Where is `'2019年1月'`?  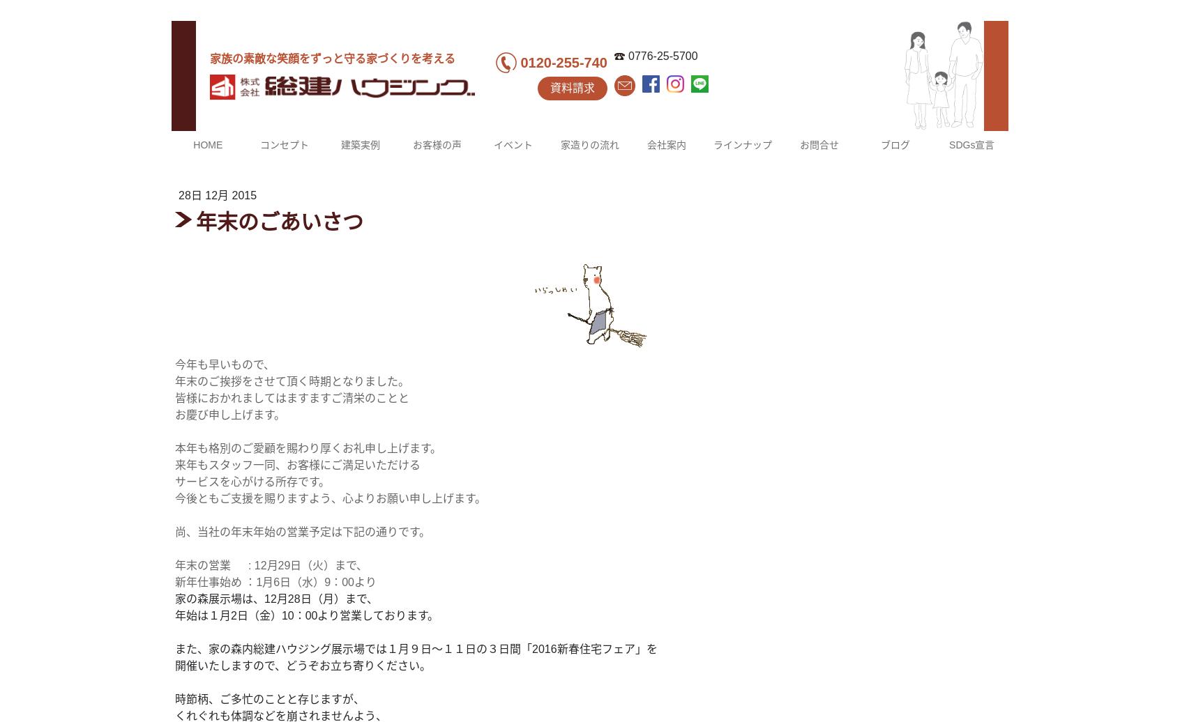
'2019年1月' is located at coordinates (749, 321).